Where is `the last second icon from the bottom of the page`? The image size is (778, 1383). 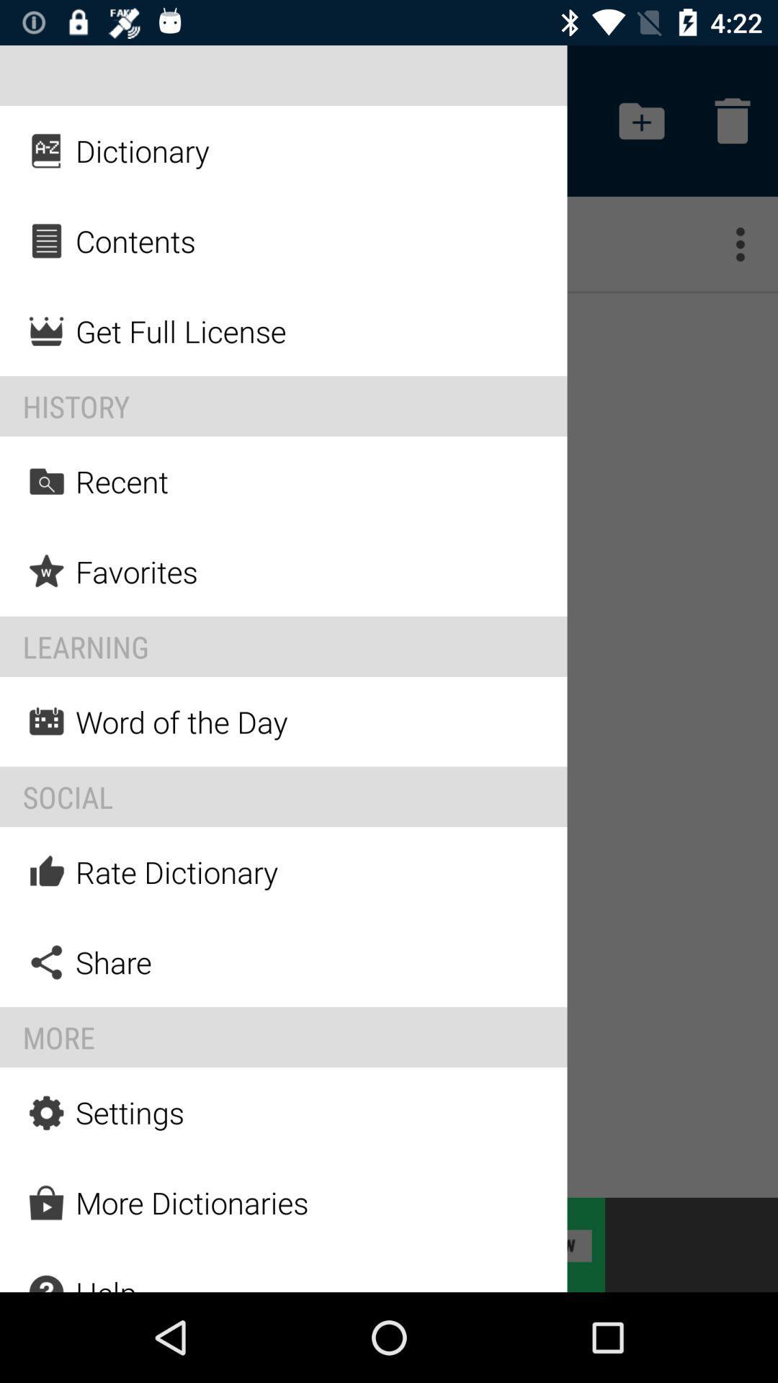 the last second icon from the bottom of the page is located at coordinates (46, 1202).